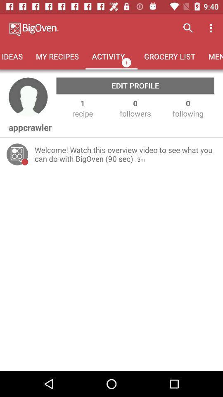 The height and width of the screenshot is (397, 223). I want to click on the search icon of the page, so click(188, 28).